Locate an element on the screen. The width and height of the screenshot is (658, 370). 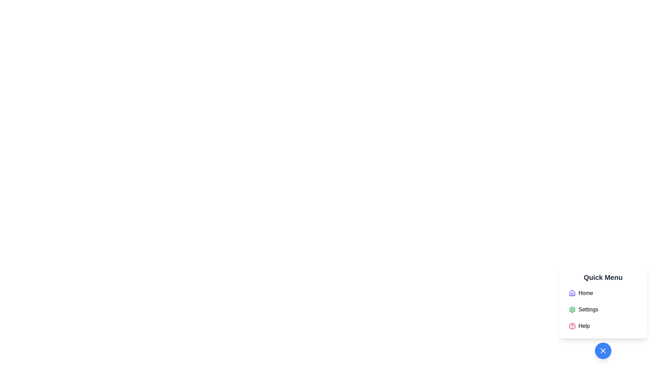
the small green gear-like icon located next to the 'Settings' label in the vertical menu under the 'Quick Menu' header is located at coordinates (572, 309).